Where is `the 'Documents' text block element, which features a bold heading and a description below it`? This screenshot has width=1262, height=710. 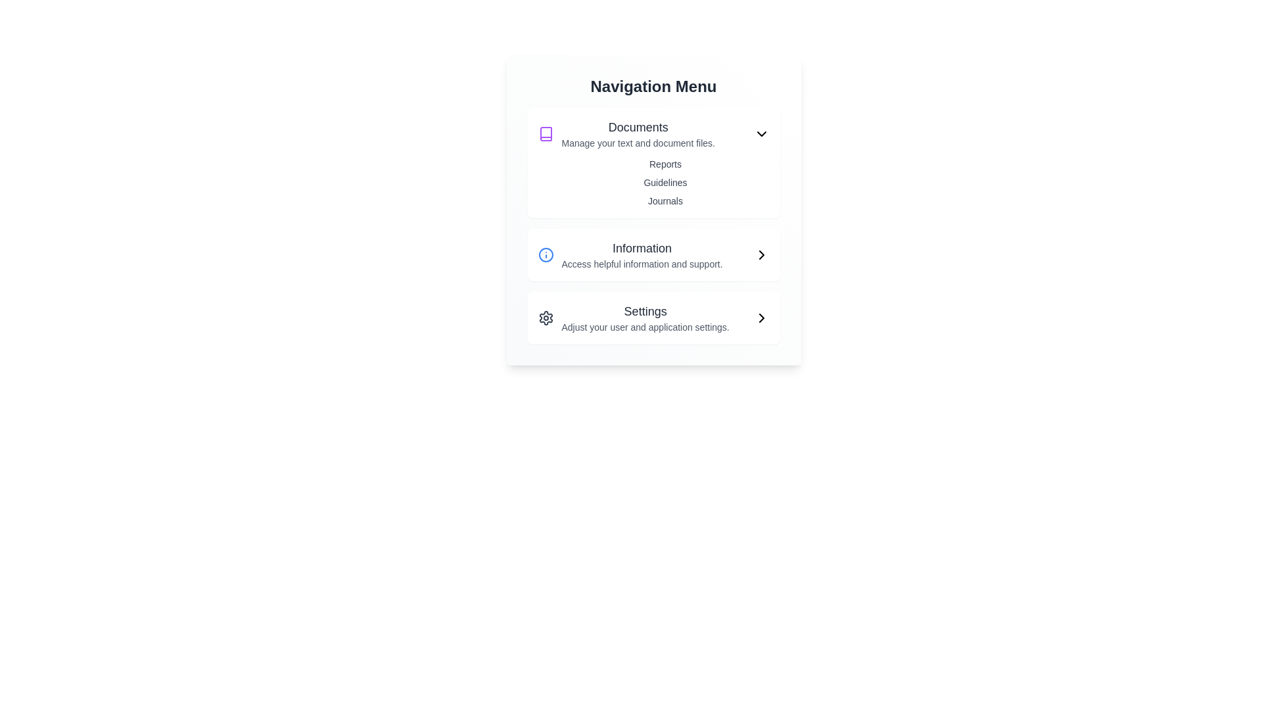
the 'Documents' text block element, which features a bold heading and a description below it is located at coordinates (638, 134).